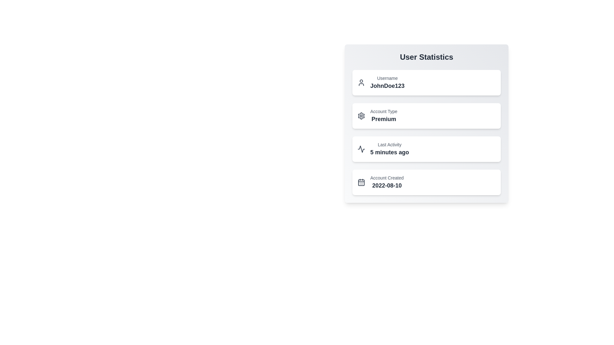  I want to click on the 'Account Type' text label, which is displayed in gray color and located under 'User Statistics' above the text 'Premium', so click(384, 111).